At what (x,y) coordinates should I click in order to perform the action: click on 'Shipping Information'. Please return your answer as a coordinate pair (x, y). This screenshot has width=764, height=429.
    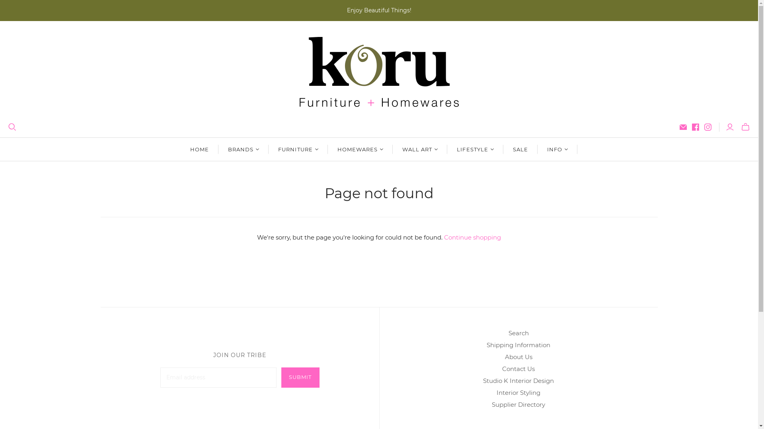
    Looking at the image, I should click on (518, 344).